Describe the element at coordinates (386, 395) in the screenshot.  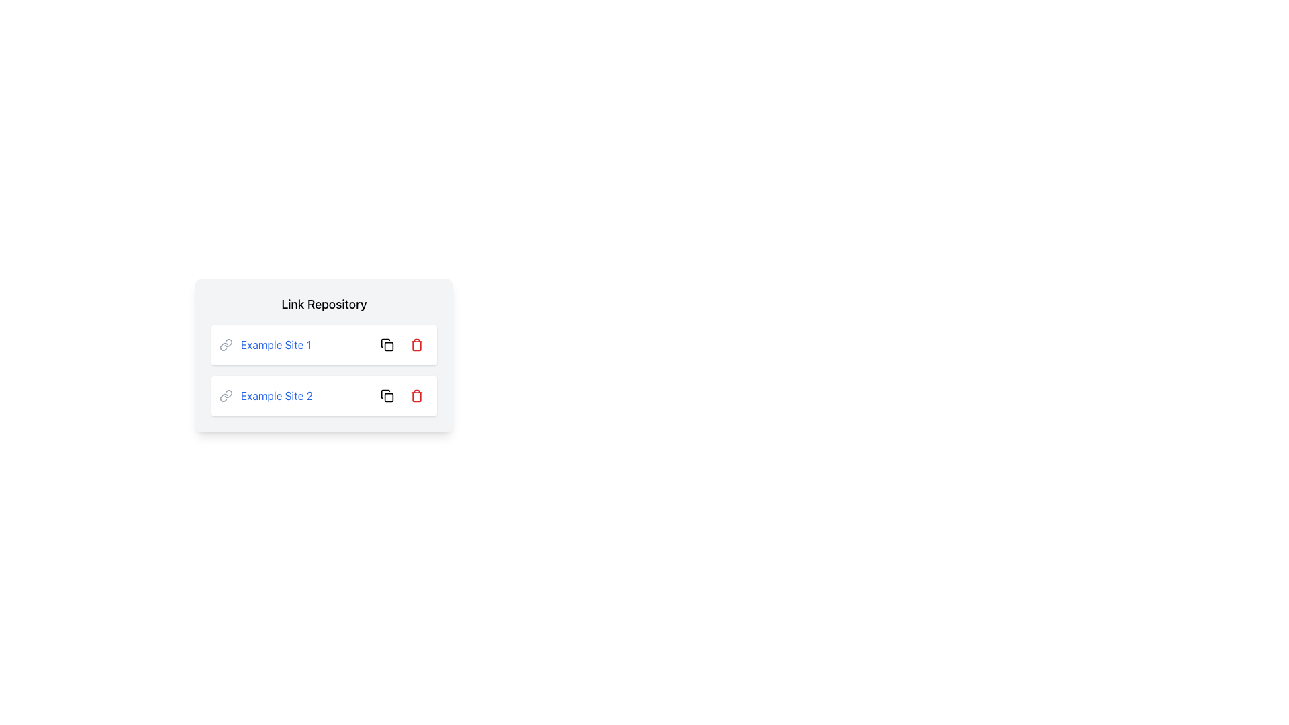
I see `the copy action button, which is an icon with two overlapping rectangles and is positioned next to the 'Example Site 2' text in the second row of the list component` at that location.